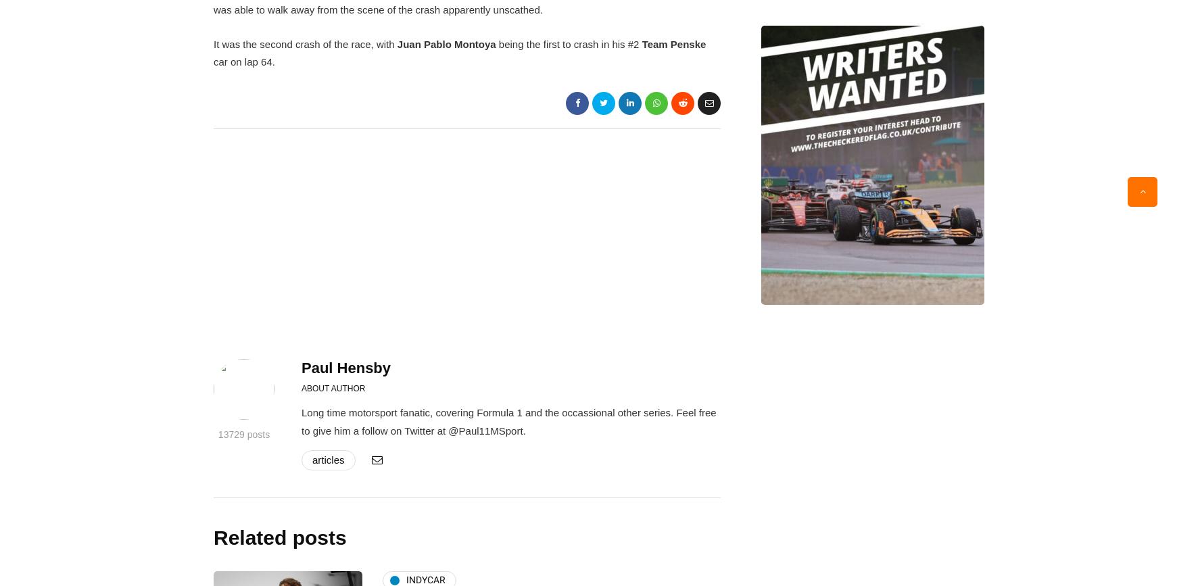  I want to click on 'being the first to crash in his #2', so click(568, 44).